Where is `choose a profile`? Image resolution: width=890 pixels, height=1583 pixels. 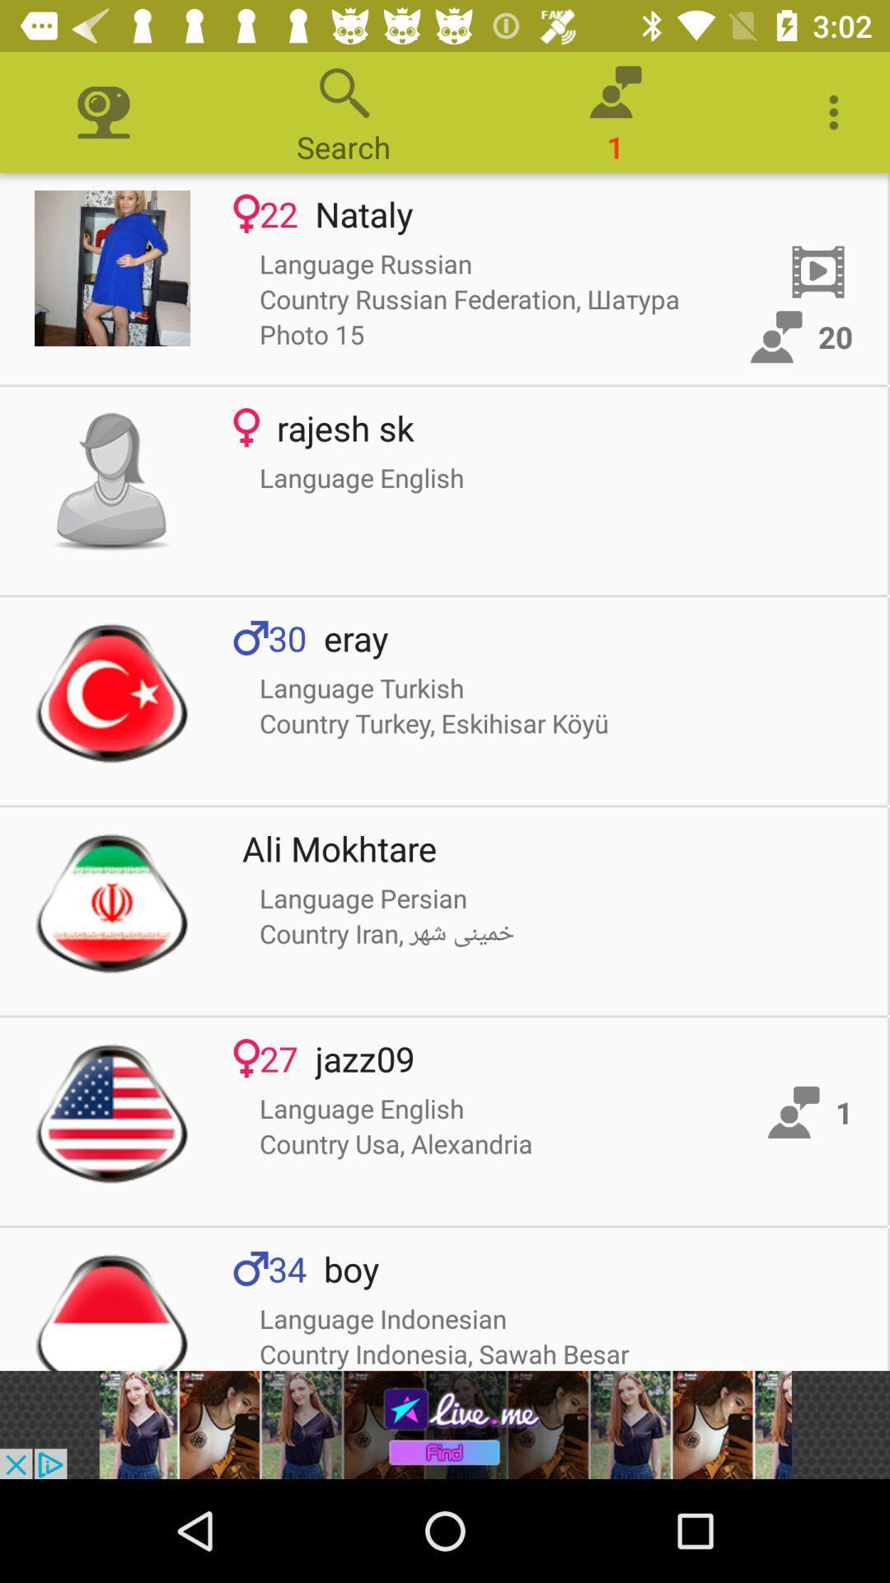
choose a profile is located at coordinates (111, 693).